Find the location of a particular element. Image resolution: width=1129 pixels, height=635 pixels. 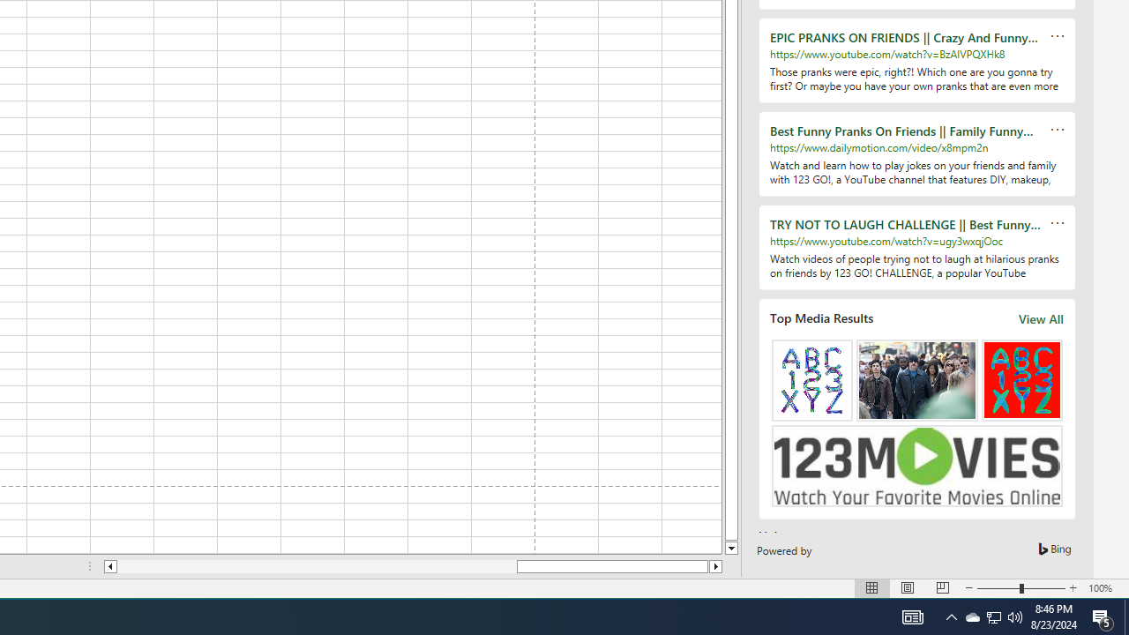

'Notification Chevron' is located at coordinates (951, 616).